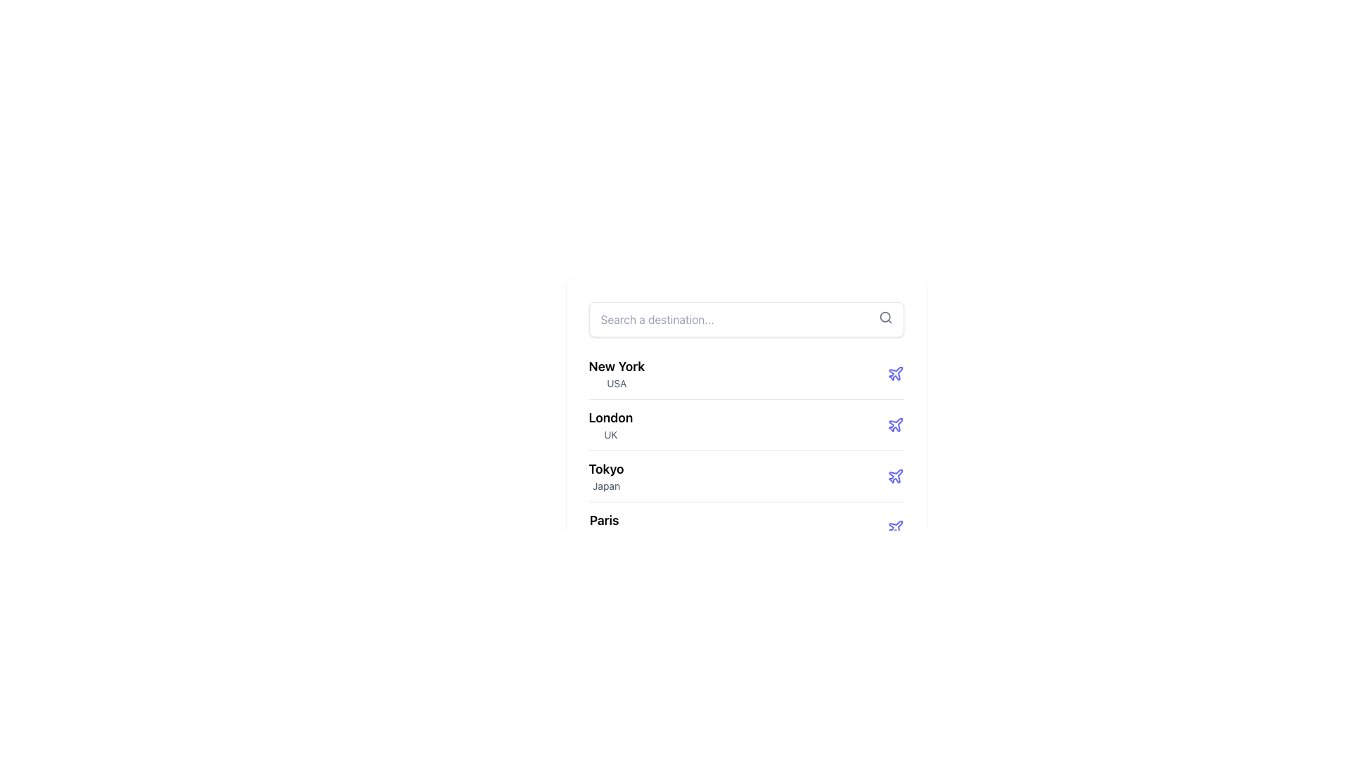 Image resolution: width=1350 pixels, height=759 pixels. Describe the element at coordinates (745, 476) in the screenshot. I see `the list item displaying 'Tokyo'` at that location.